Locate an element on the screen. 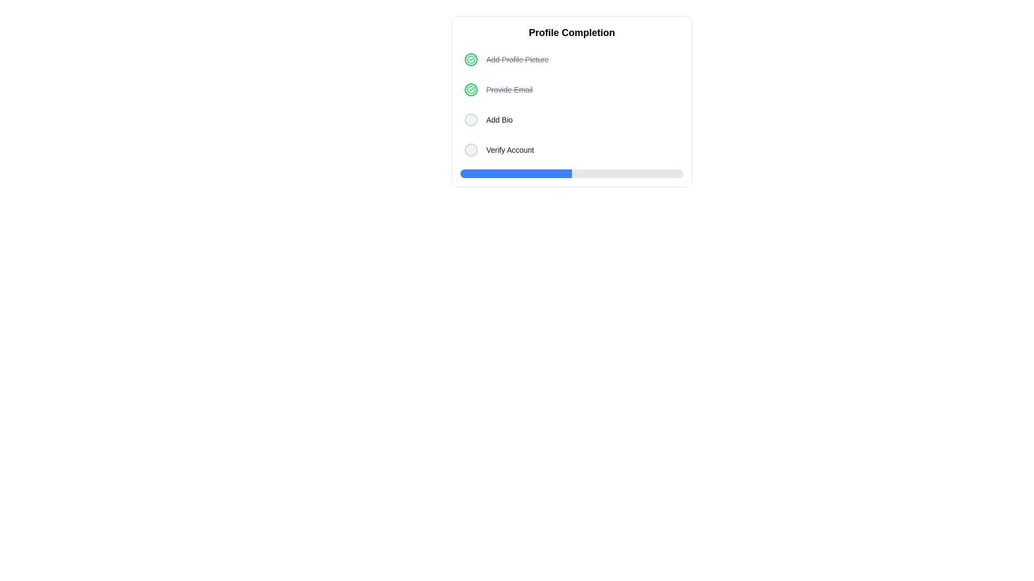  the status represented by the circular icon with a green border and light green background, indicating a completed state, located to the left of 'Add Profile Picture' is located at coordinates (471, 60).